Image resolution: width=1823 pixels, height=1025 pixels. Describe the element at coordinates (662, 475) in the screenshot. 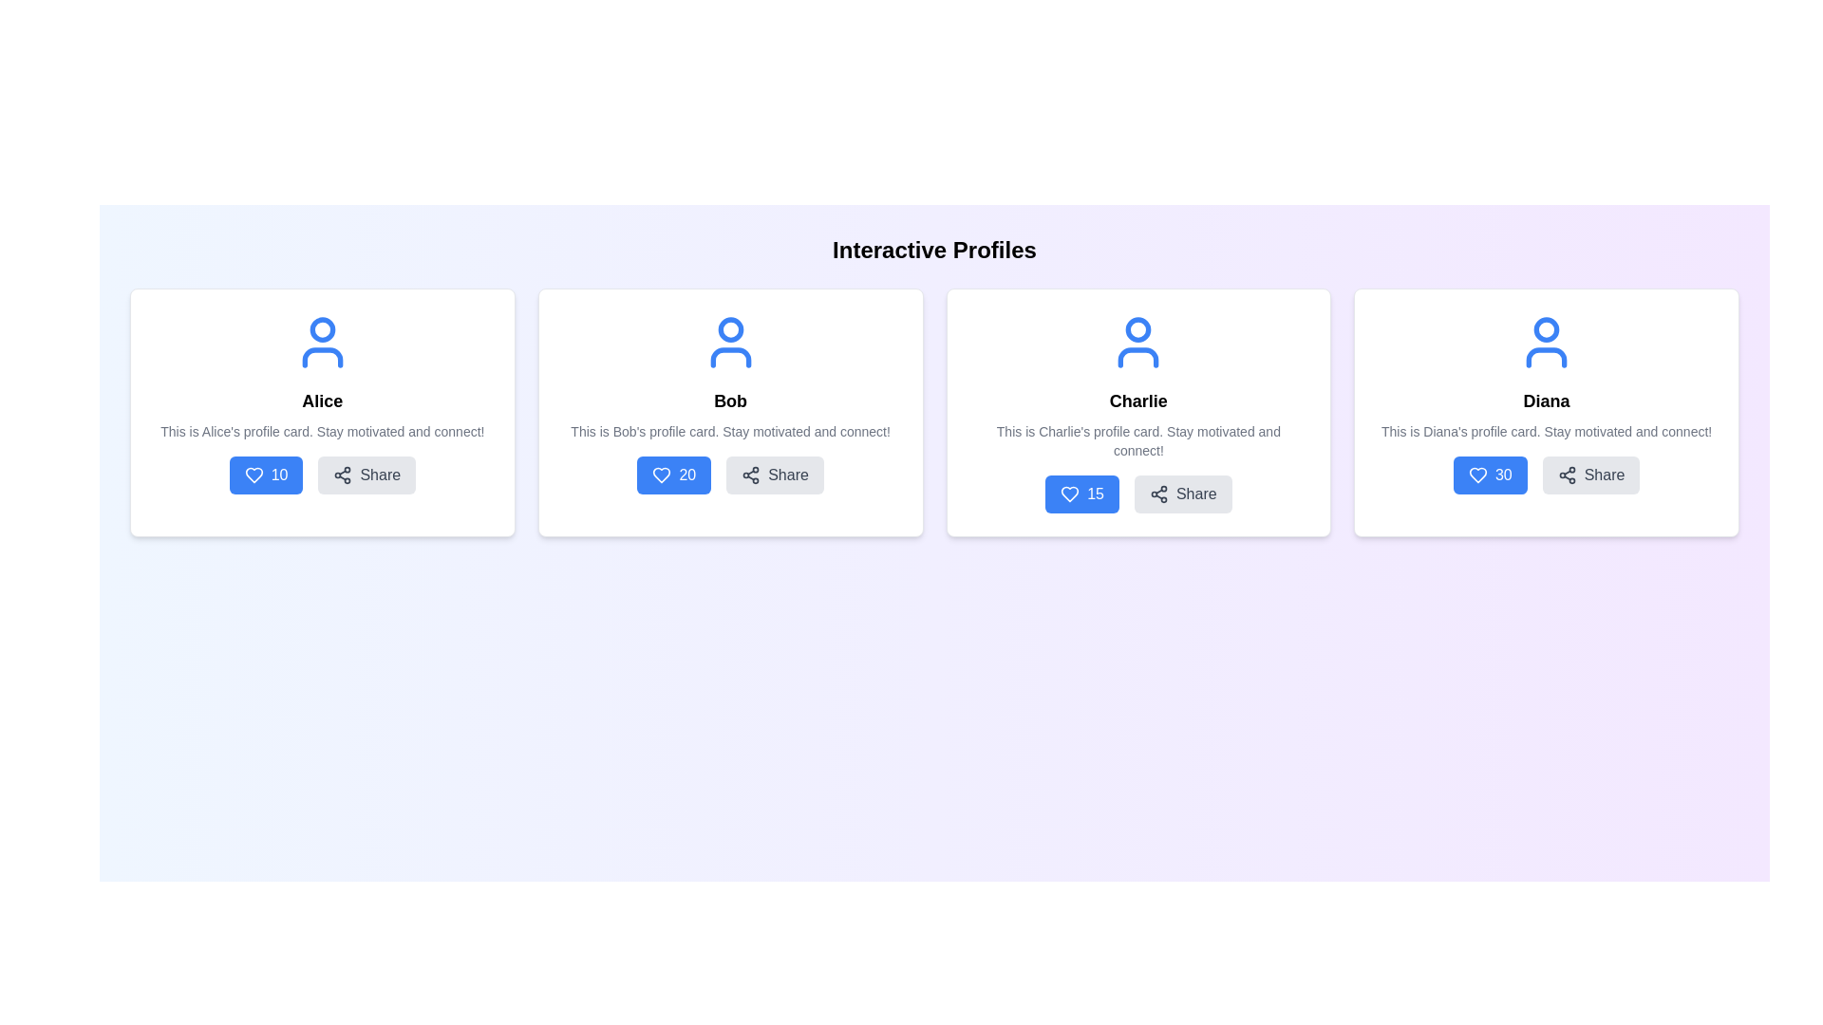

I see `the heart-shaped icon in Bob's profile card` at that location.